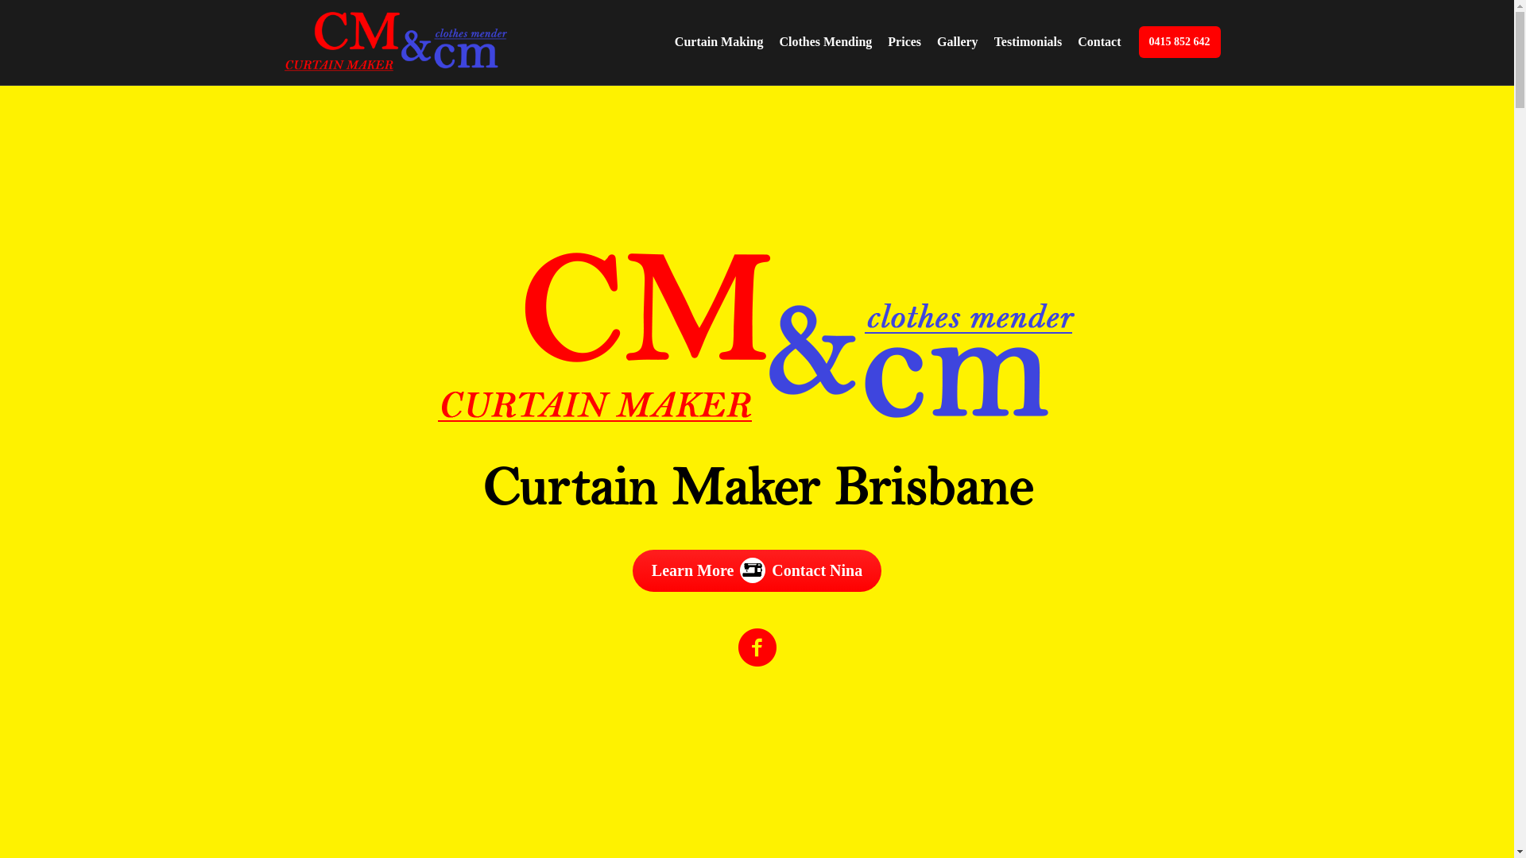 Image resolution: width=1526 pixels, height=858 pixels. Describe the element at coordinates (956, 41) in the screenshot. I see `'Gallery'` at that location.